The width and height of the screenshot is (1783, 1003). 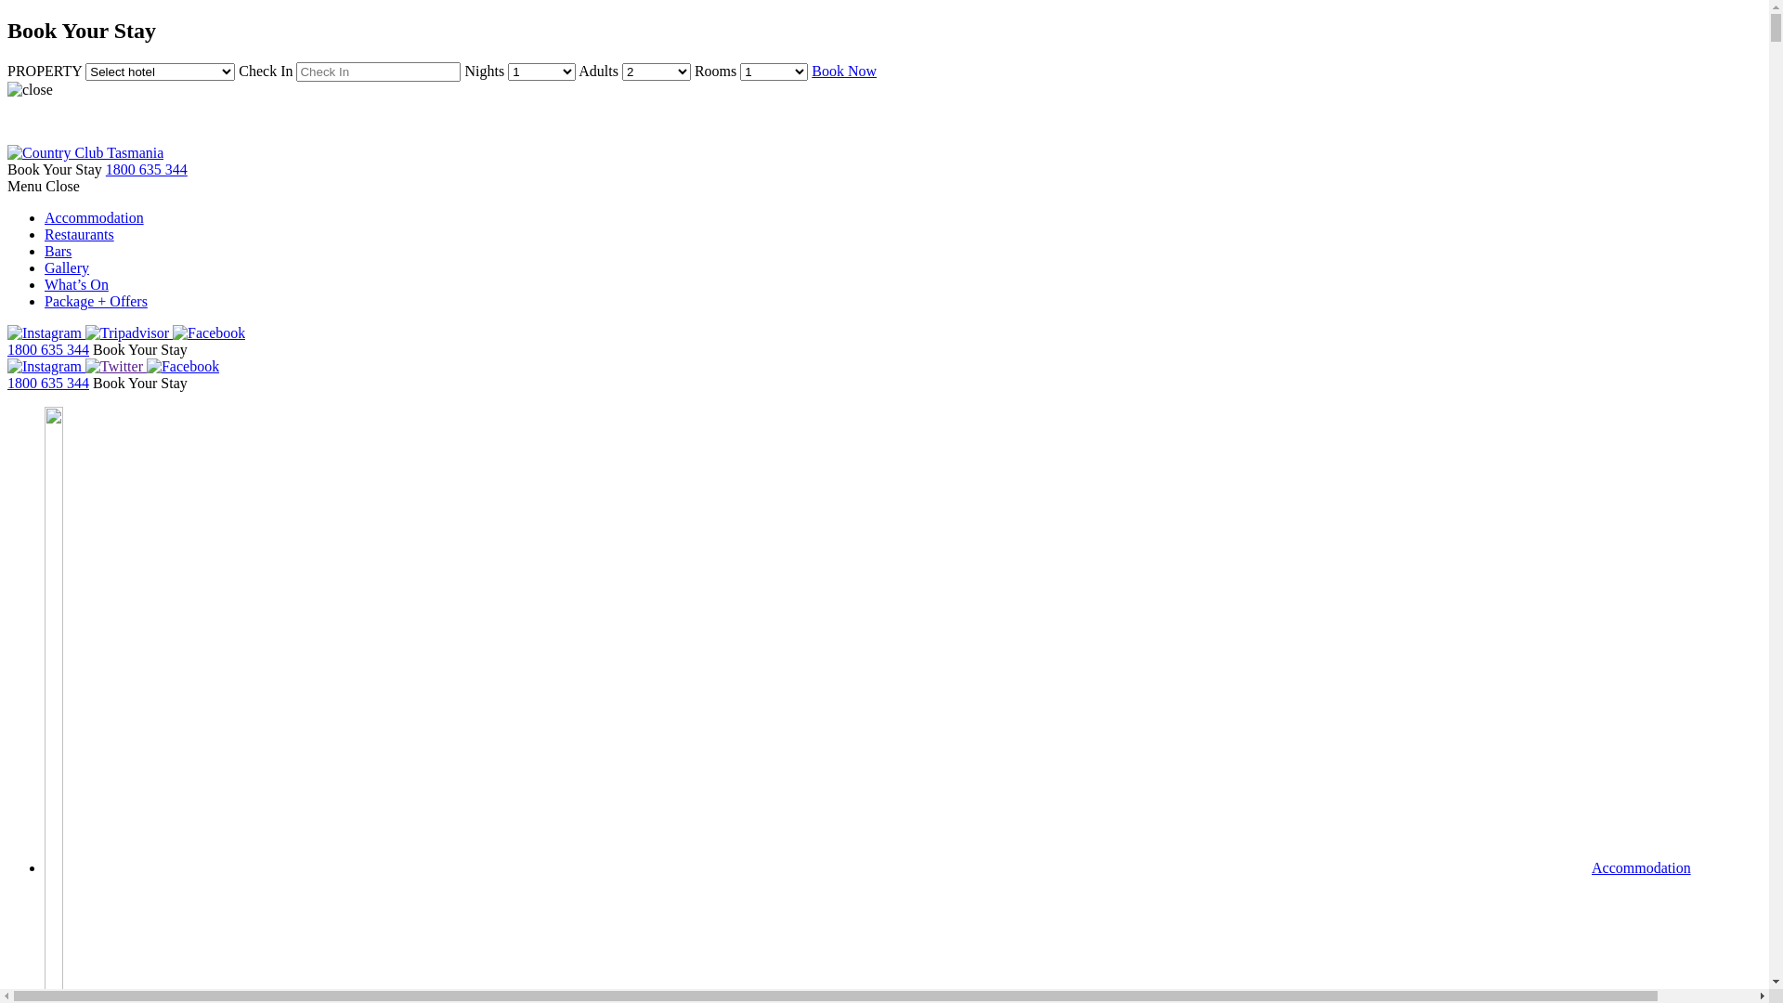 What do you see at coordinates (95, 300) in the screenshot?
I see `'Package + Offers'` at bounding box center [95, 300].